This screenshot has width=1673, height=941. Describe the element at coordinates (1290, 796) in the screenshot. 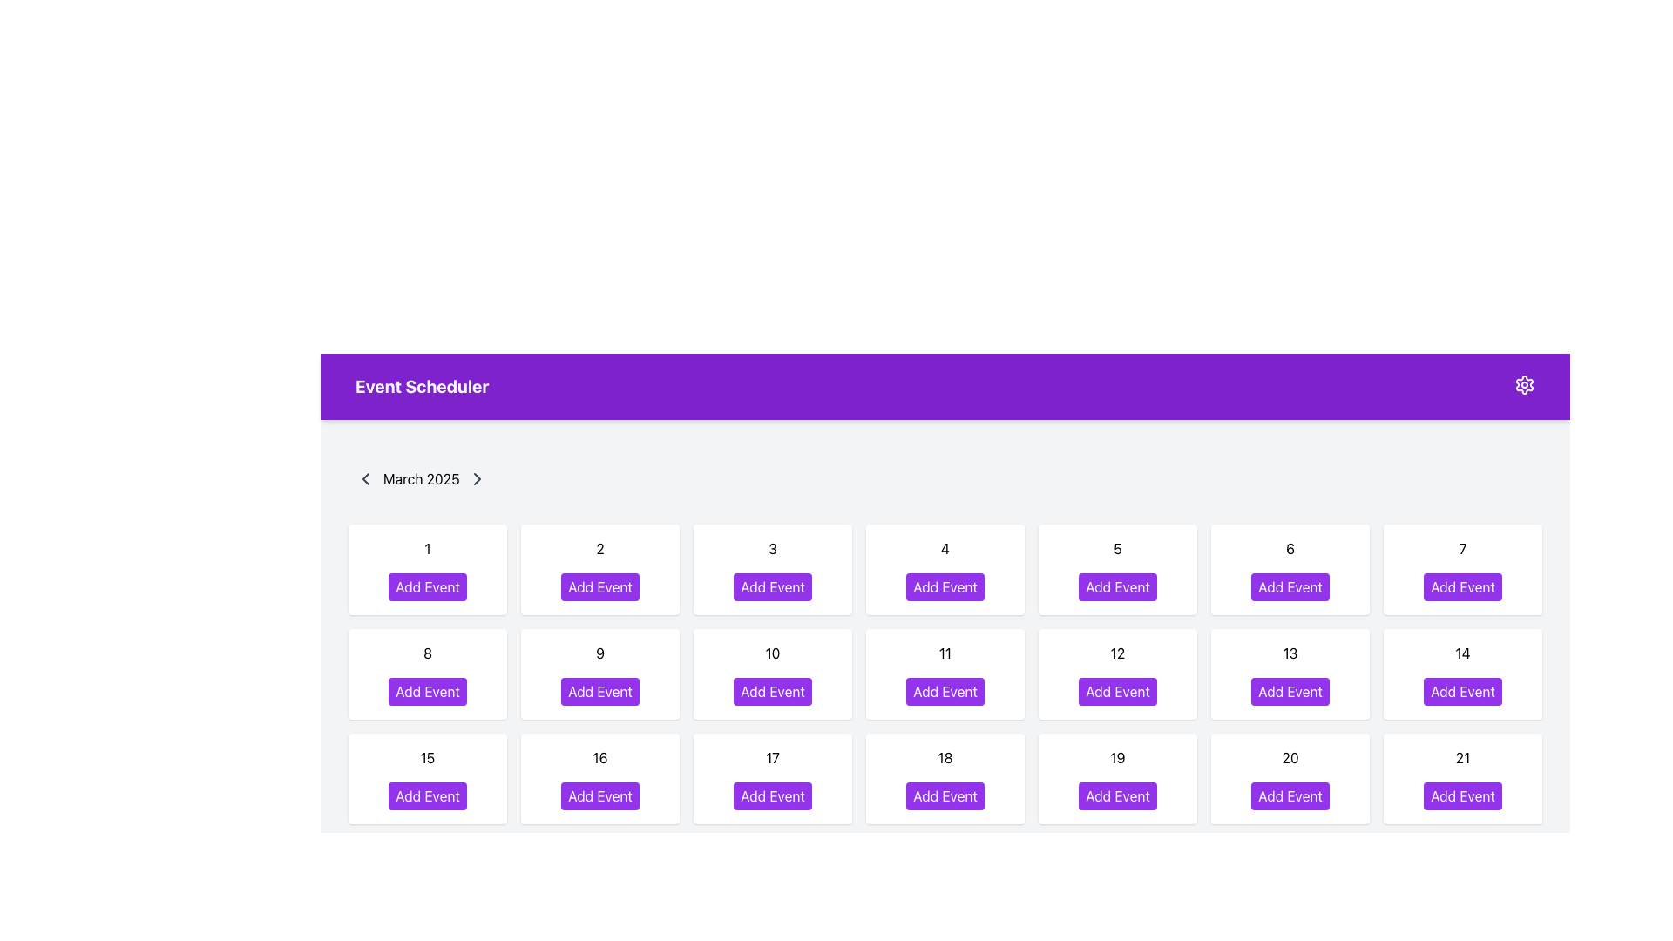

I see `the 'Add Event' button, which is a rectangular button with a vibrant purple background and white text, located in the sixth row and sixth column under 'March 2025.'` at that location.